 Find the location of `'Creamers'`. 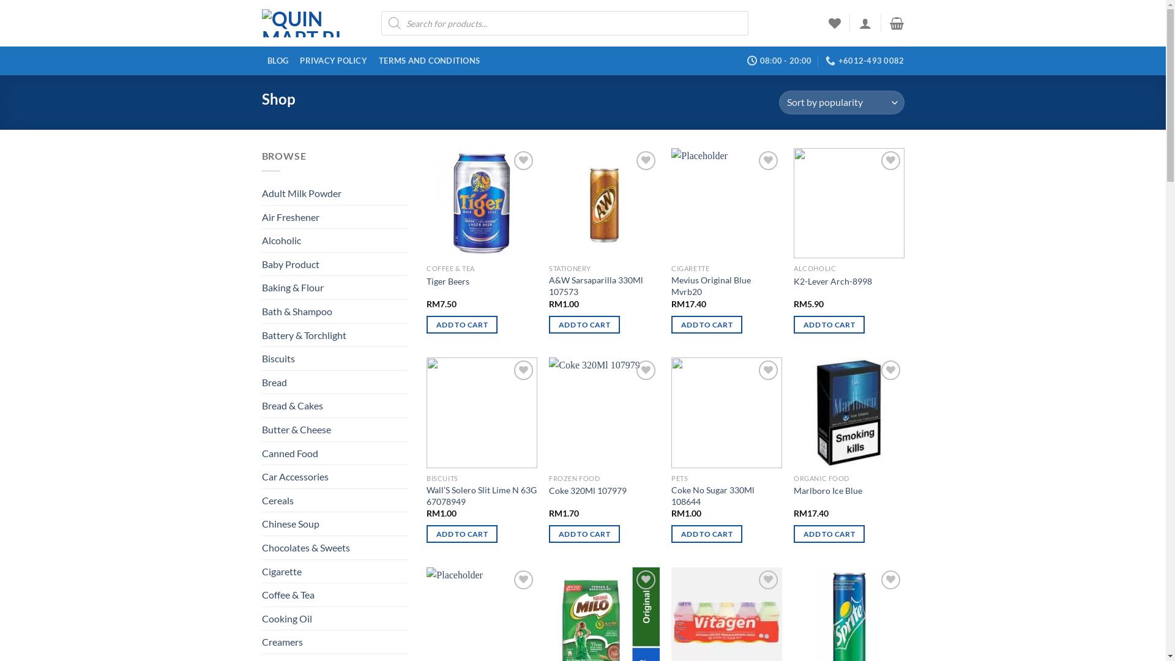

'Creamers' is located at coordinates (261, 641).